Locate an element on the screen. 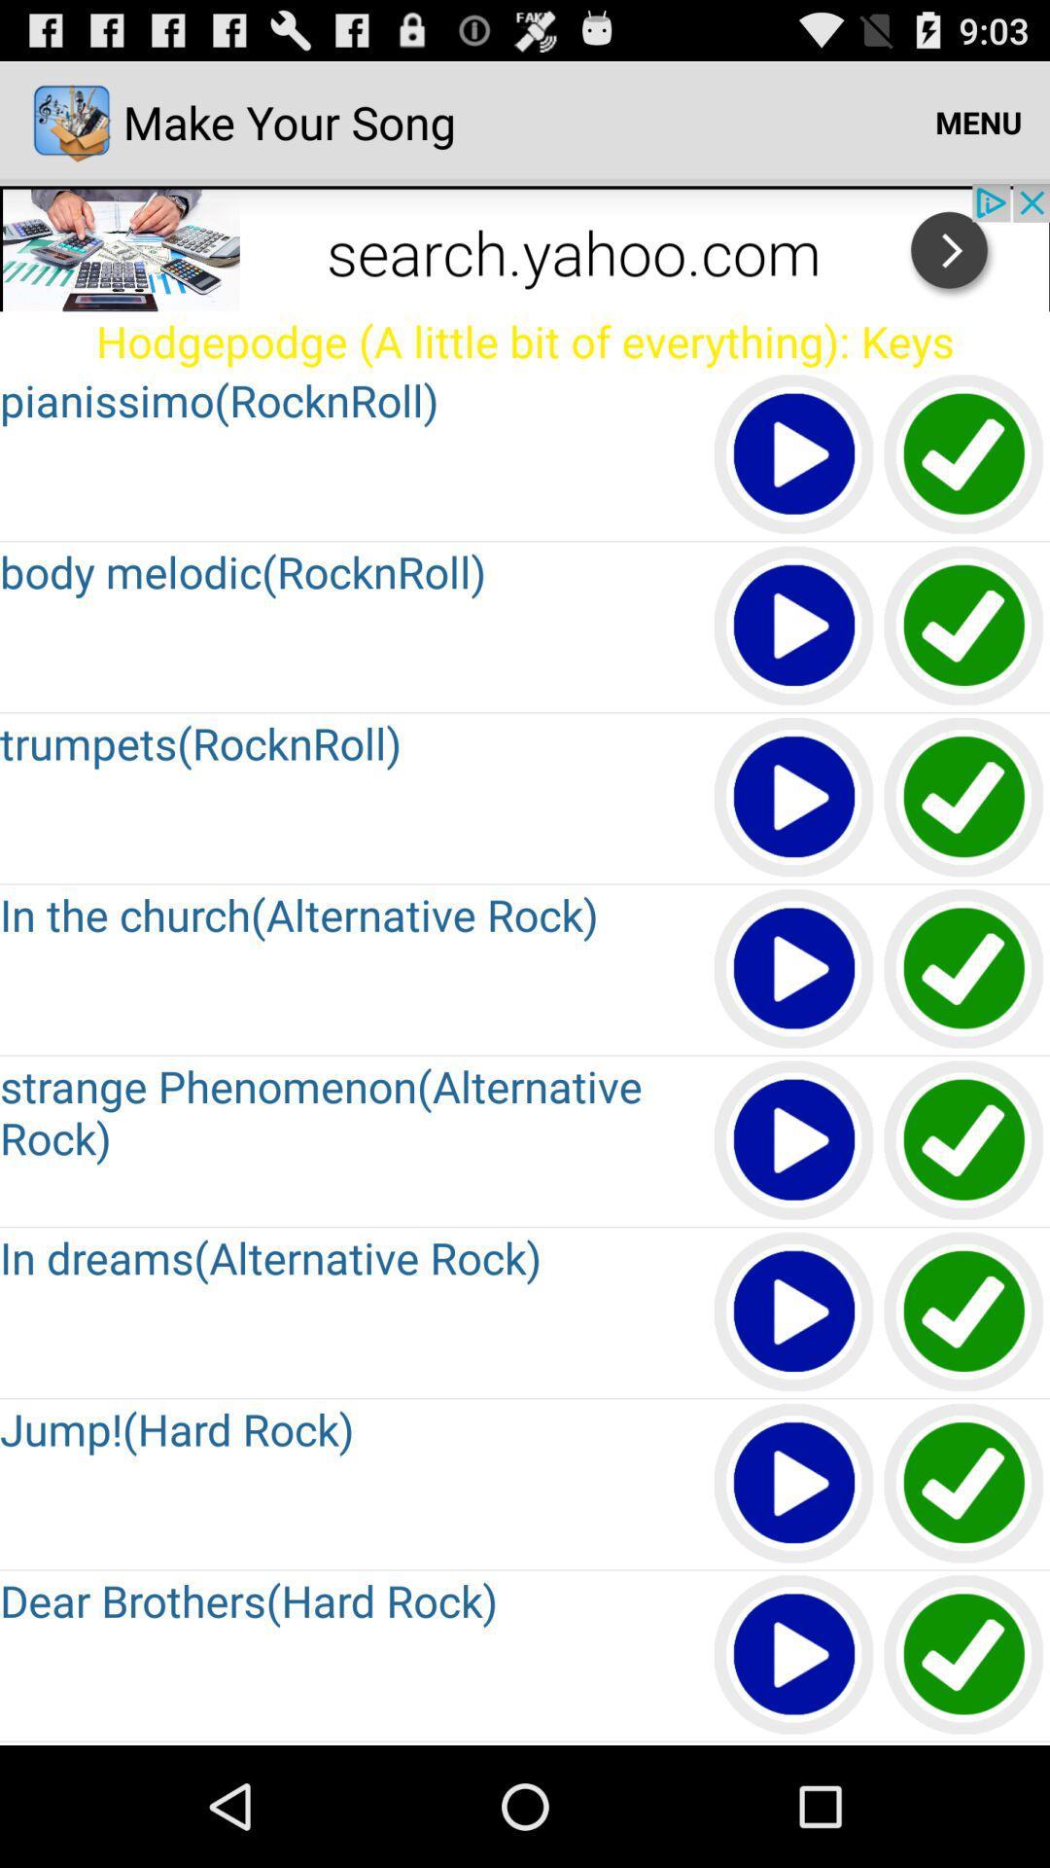  song is located at coordinates (964, 1483).